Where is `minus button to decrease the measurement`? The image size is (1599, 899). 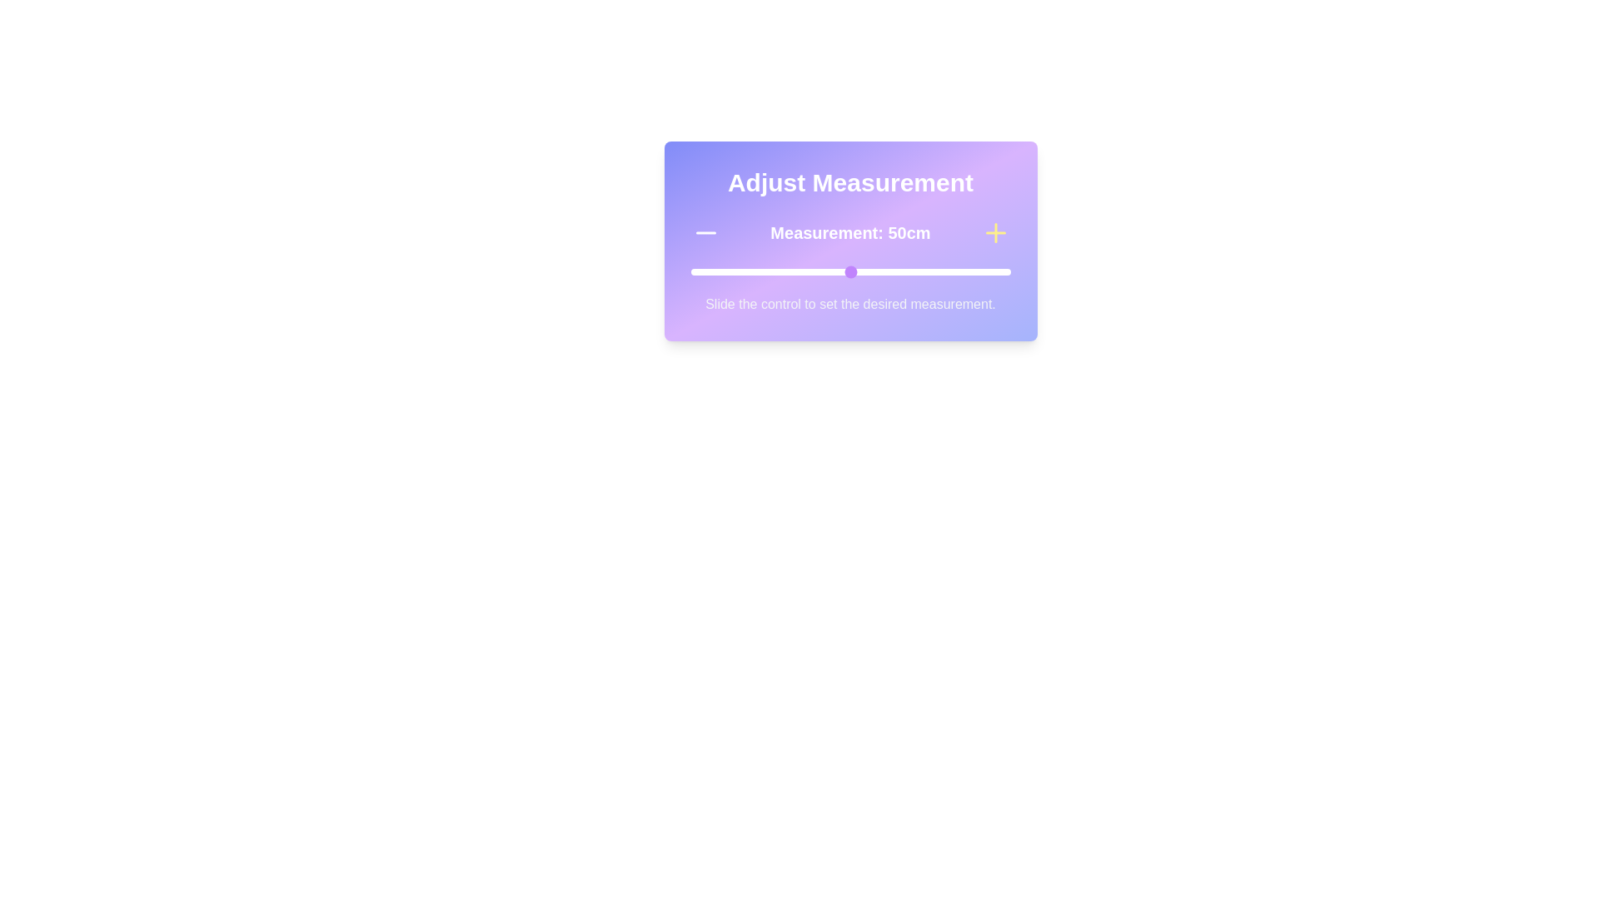
minus button to decrease the measurement is located at coordinates (705, 233).